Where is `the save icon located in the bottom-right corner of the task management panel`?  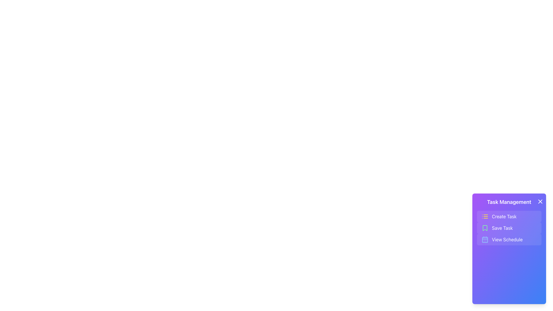
the save icon located in the bottom-right corner of the task management panel is located at coordinates (485, 227).